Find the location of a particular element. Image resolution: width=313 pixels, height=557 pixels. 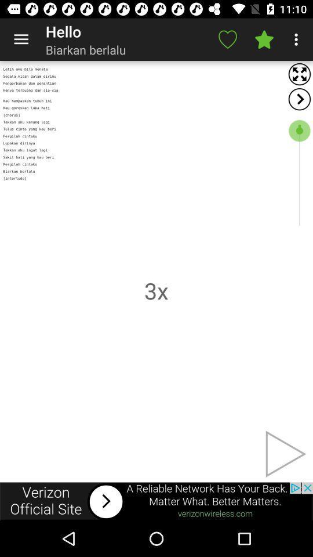

advertisement display is located at coordinates (156, 501).